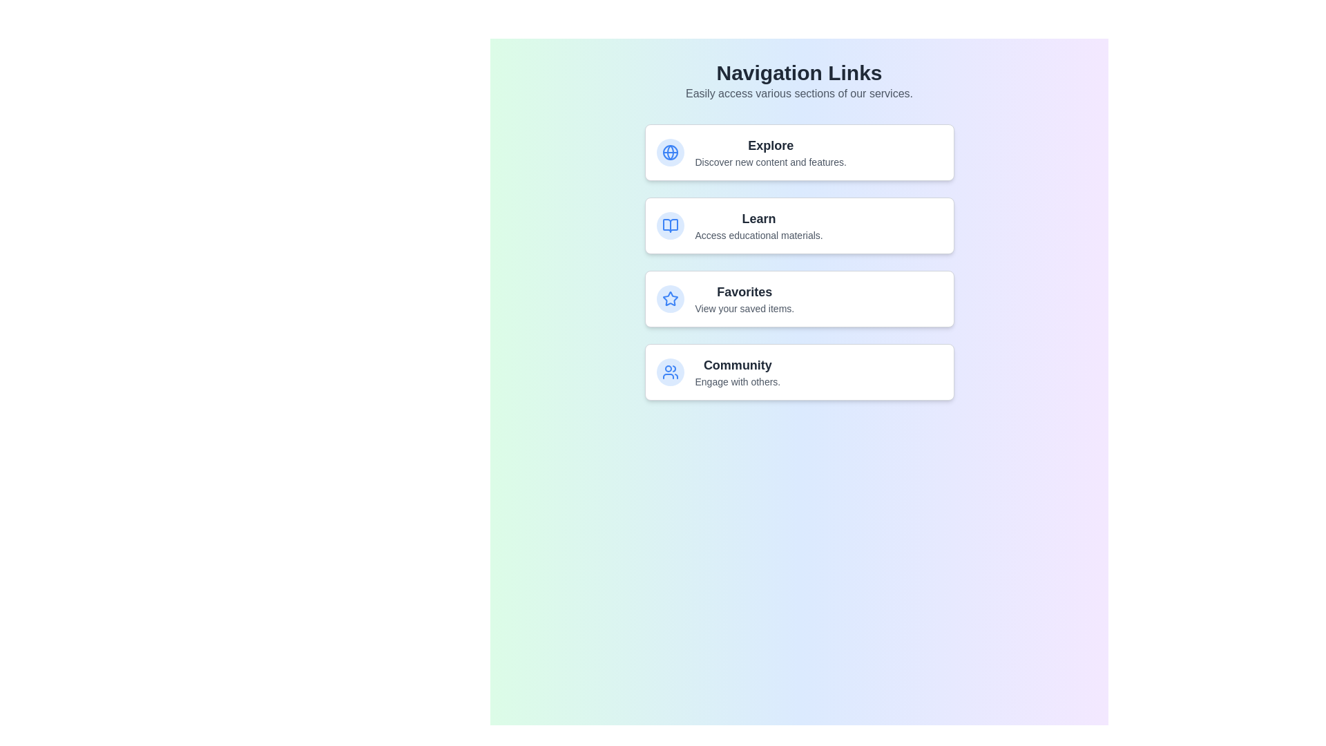 Image resolution: width=1326 pixels, height=746 pixels. Describe the element at coordinates (744, 291) in the screenshot. I see `the 'Favorites' text label, which serves as the title for the Favorites section and is located above the 'View your saved items' text element` at that location.